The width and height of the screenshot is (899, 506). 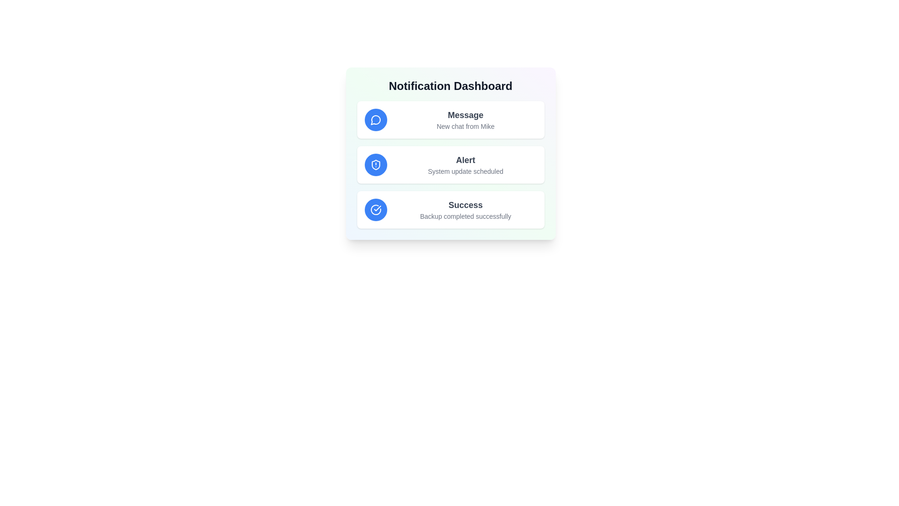 What do you see at coordinates (450, 86) in the screenshot?
I see `the notification dashboard title to focus on it` at bounding box center [450, 86].